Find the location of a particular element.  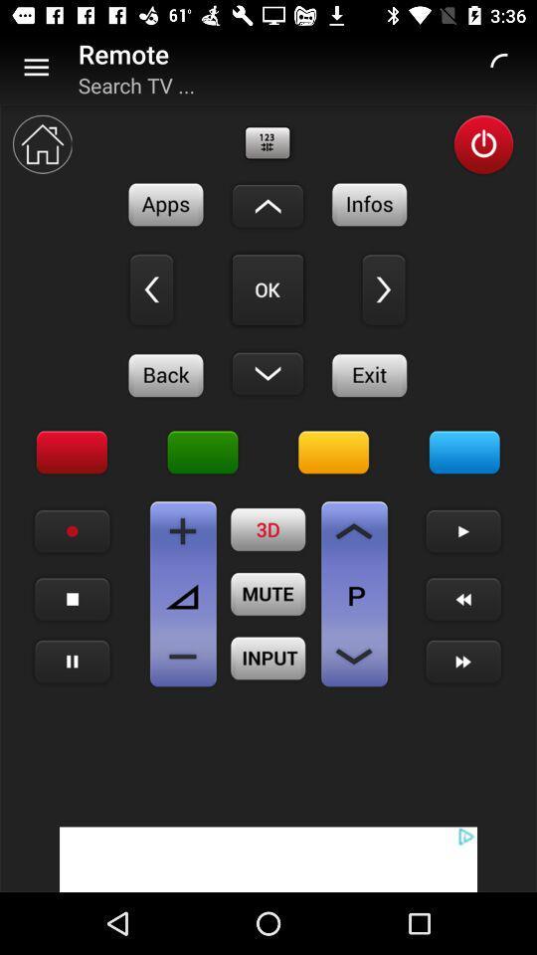

down arrow is located at coordinates (268, 206).